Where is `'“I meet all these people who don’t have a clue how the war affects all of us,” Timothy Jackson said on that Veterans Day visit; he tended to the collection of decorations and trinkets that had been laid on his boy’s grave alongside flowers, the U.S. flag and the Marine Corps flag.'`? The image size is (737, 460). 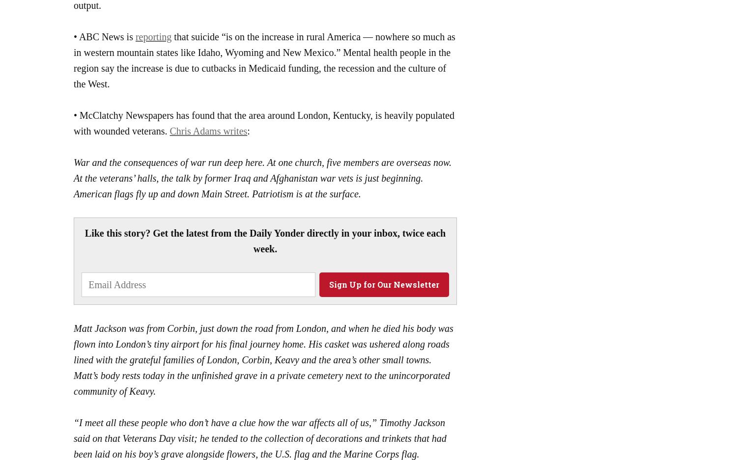 '“I meet all these people who don’t have a clue how the war affects all of us,” Timothy Jackson said on that Veterans Day visit; he tended to the collection of decorations and trinkets that had been laid on his boy’s grave alongside flowers, the U.S. flag and the Marine Corps flag.' is located at coordinates (260, 437).